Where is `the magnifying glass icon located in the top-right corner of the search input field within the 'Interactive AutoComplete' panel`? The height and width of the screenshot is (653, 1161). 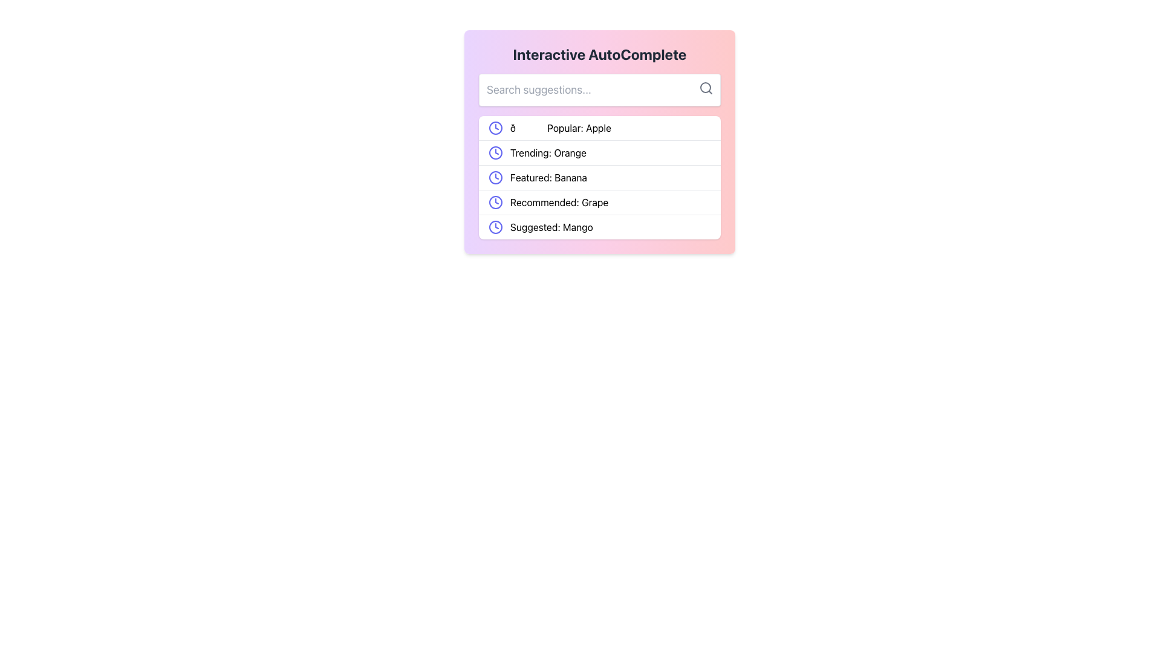
the magnifying glass icon located in the top-right corner of the search input field within the 'Interactive AutoComplete' panel is located at coordinates (706, 88).